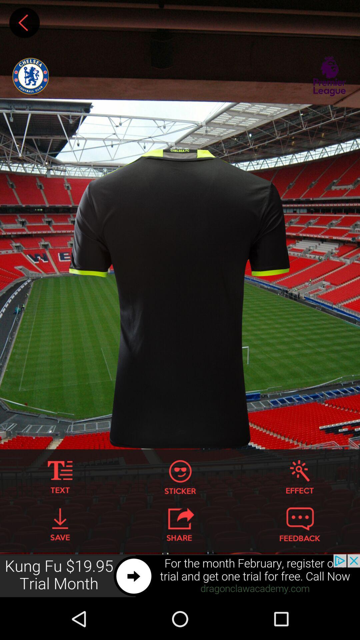 This screenshot has width=360, height=640. What do you see at coordinates (180, 576) in the screenshot?
I see `watch advertisement` at bounding box center [180, 576].